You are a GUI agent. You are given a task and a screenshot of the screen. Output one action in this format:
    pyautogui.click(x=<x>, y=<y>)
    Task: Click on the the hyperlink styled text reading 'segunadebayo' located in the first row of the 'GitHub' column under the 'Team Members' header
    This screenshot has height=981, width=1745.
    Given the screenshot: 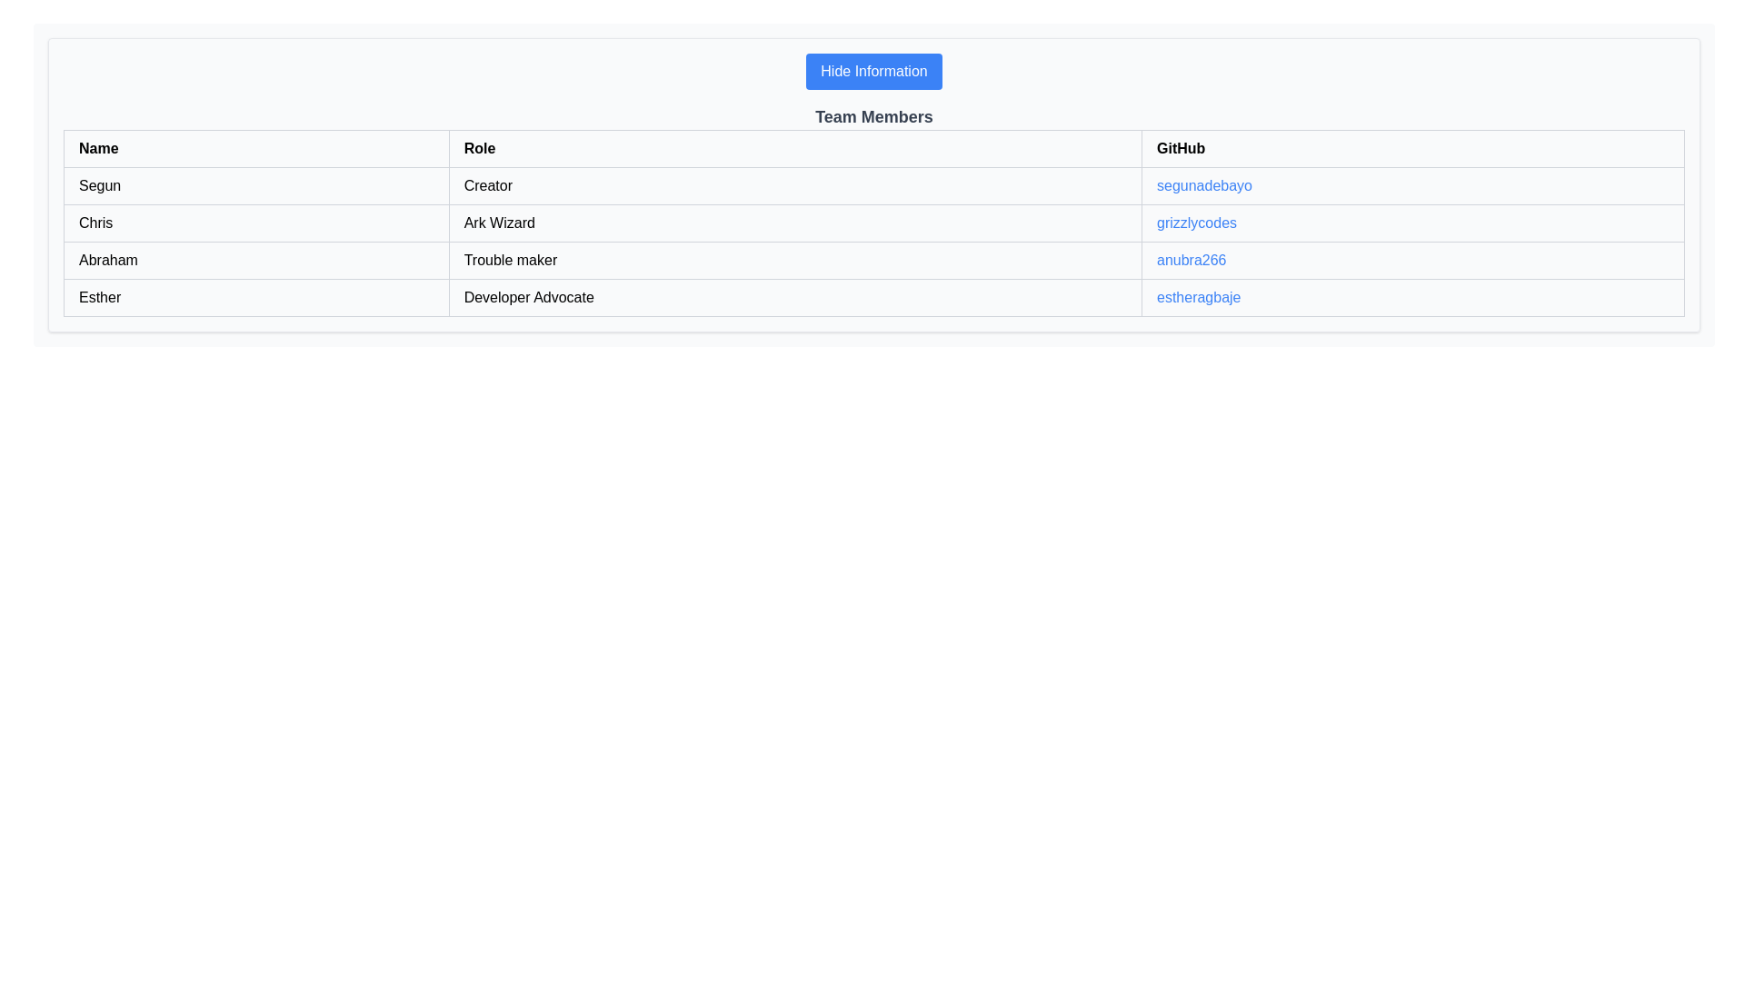 What is the action you would take?
    pyautogui.click(x=1204, y=185)
    